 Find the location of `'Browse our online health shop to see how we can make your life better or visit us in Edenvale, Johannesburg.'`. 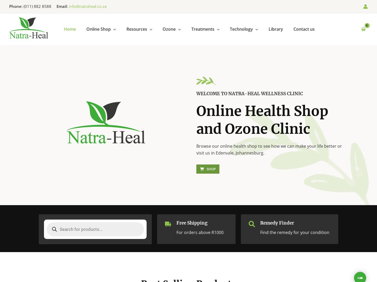

'Browse our online health shop to see how we can make your life better or visit us in Edenvale, Johannesburg.' is located at coordinates (269, 149).